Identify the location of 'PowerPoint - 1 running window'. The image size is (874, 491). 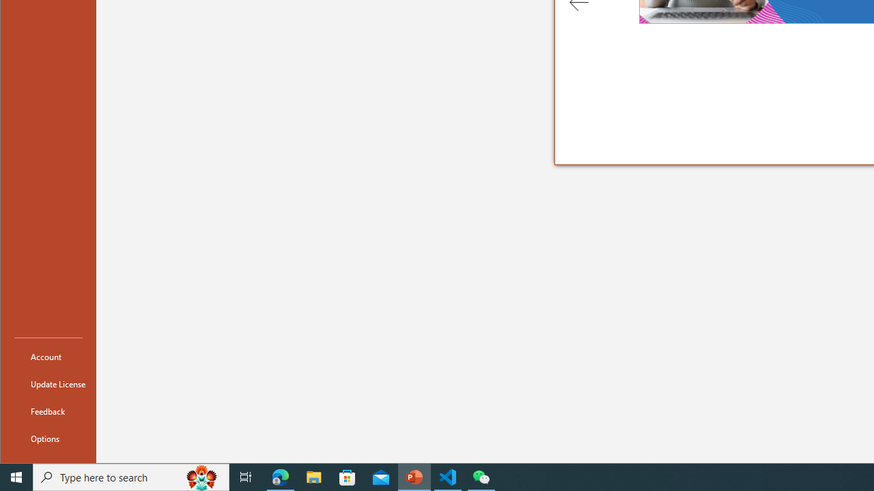
(414, 476).